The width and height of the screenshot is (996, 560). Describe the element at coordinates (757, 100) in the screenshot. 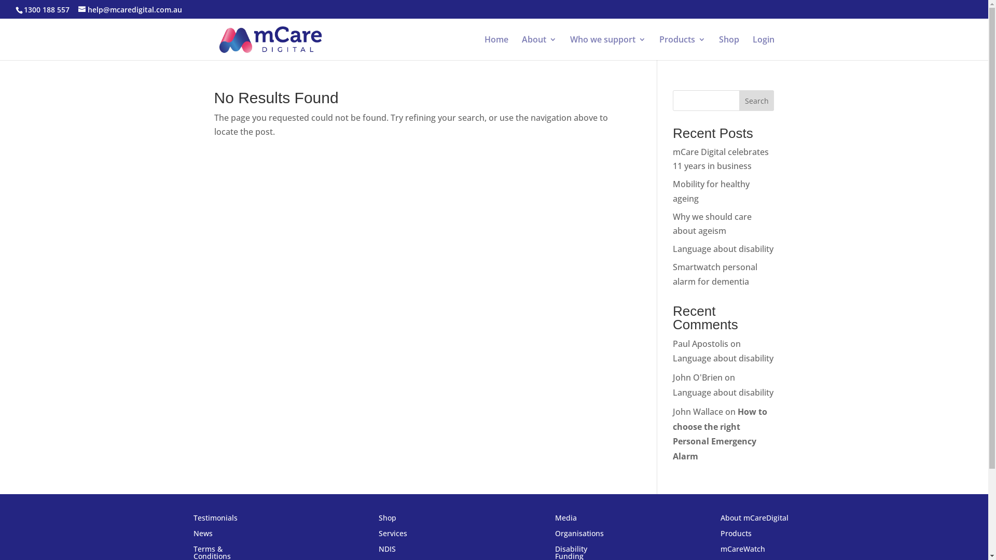

I see `'Search'` at that location.